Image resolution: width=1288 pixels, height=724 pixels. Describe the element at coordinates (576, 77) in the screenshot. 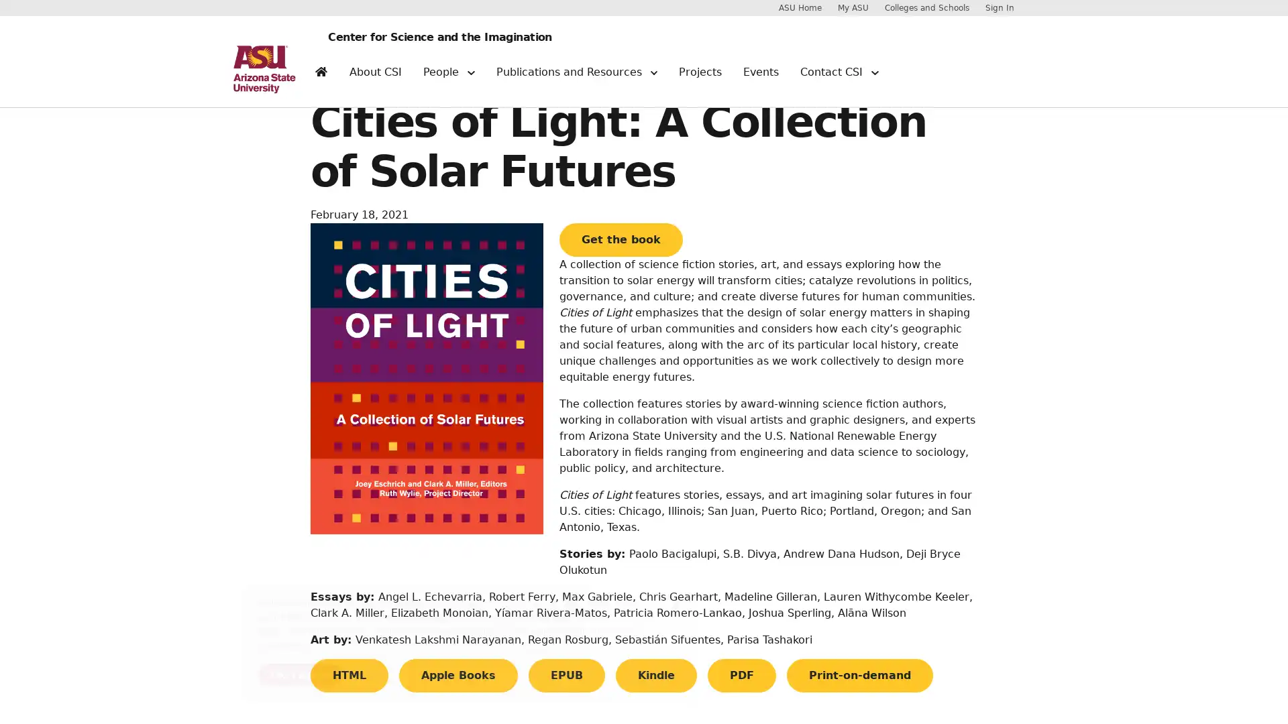

I see `Publications and Resources` at that location.